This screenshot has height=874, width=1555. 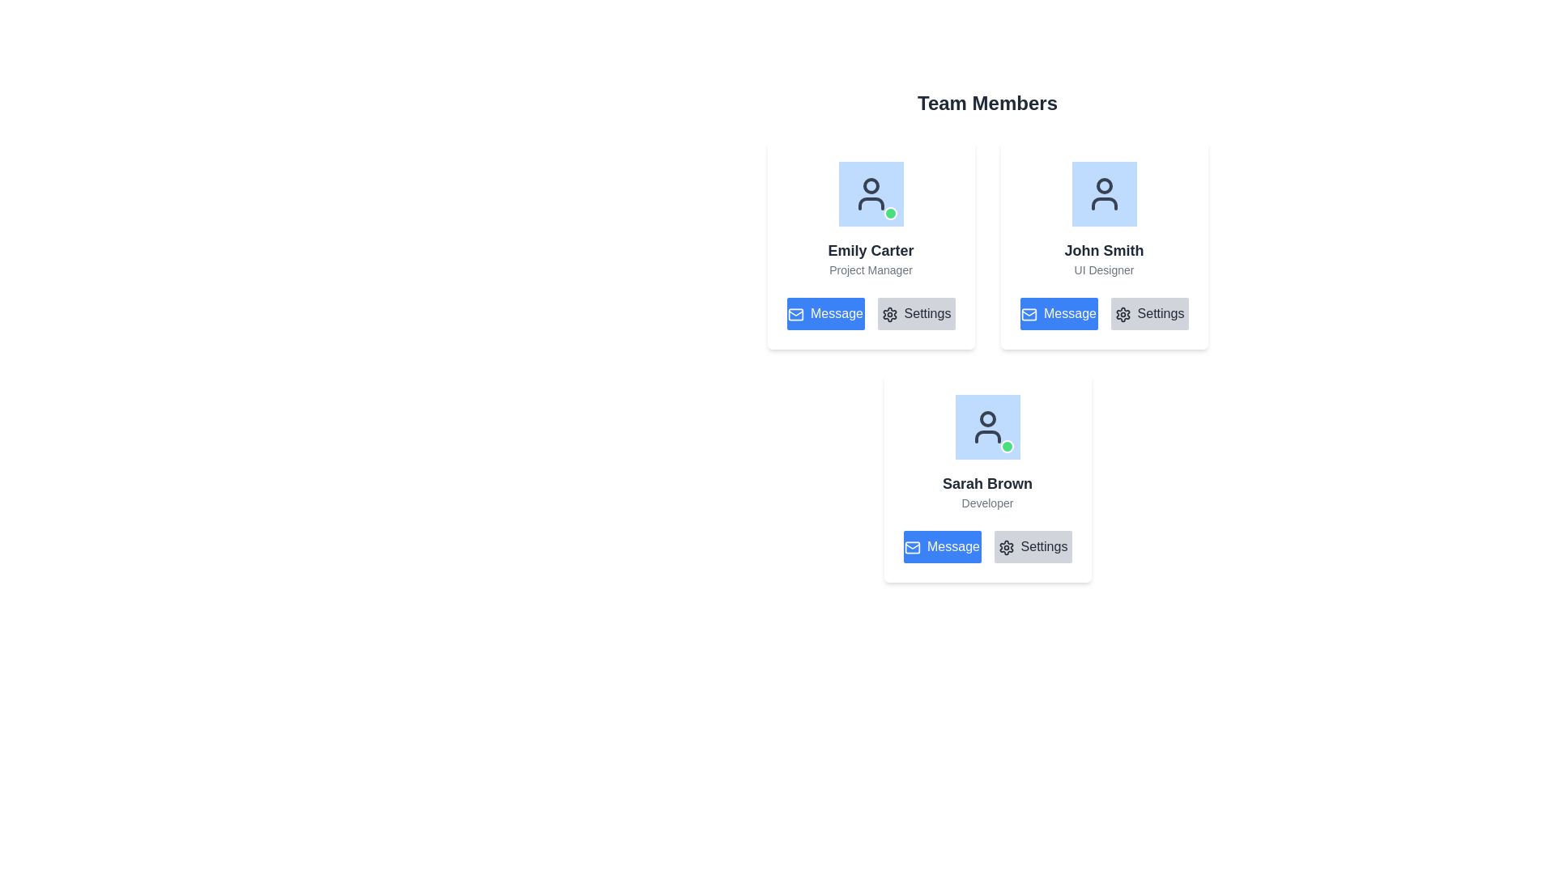 I want to click on the envelope icon within the blue 'Message' button that is part of the card for 'Emily Carter' in the 'Team Members' interface, so click(x=796, y=314).